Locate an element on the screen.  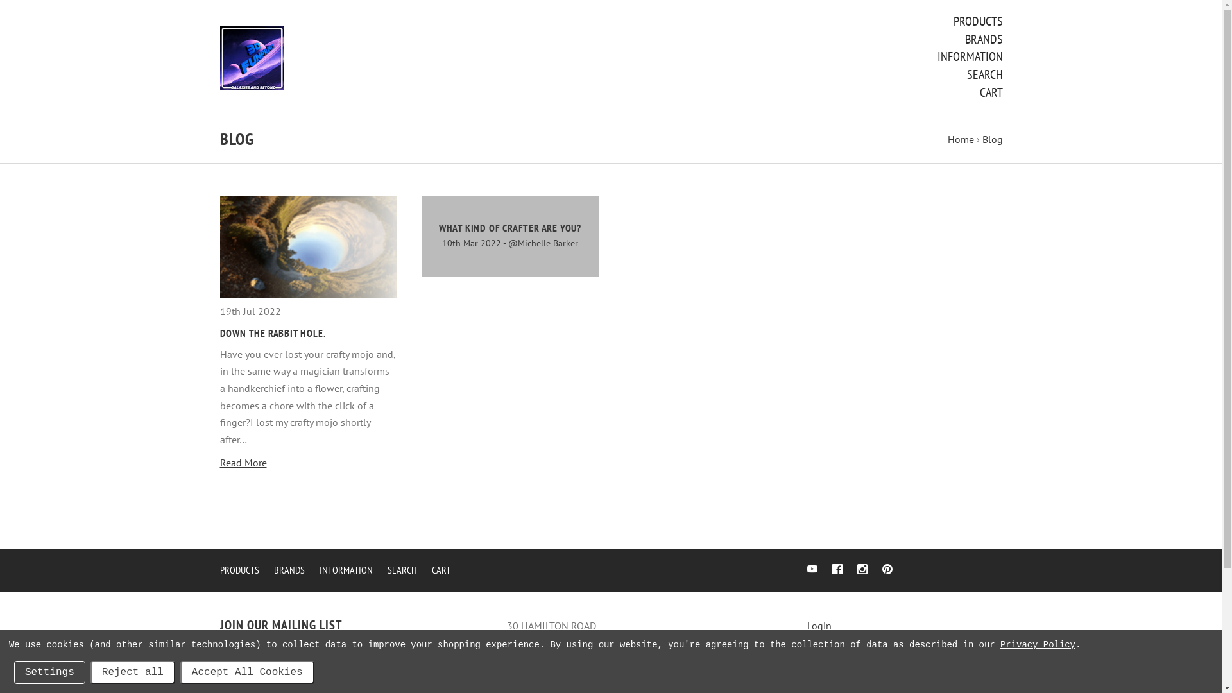
'Home' is located at coordinates (960, 139).